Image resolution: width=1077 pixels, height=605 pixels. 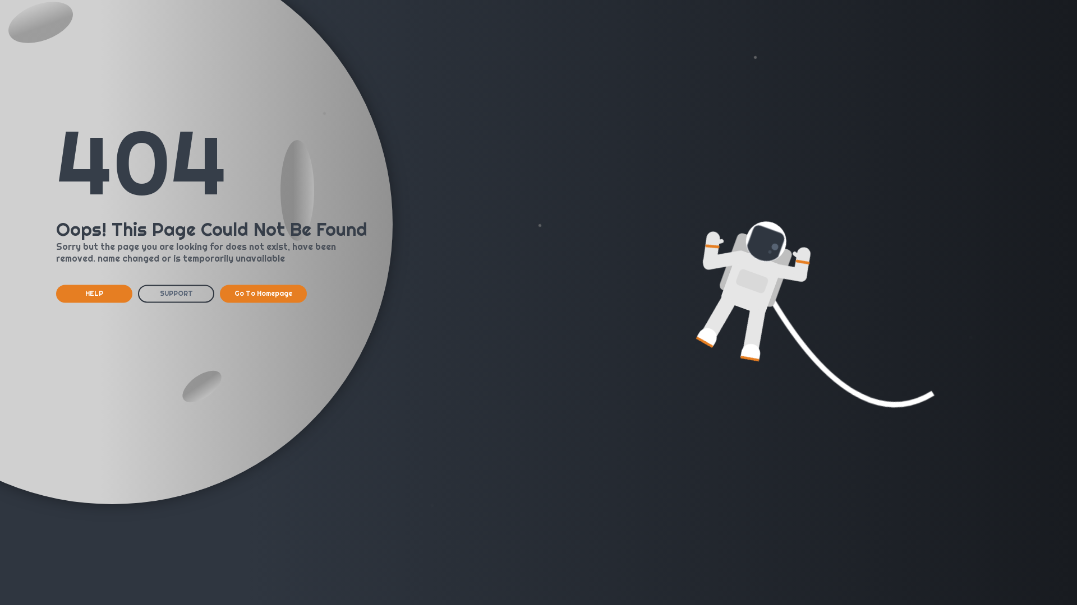 I want to click on 'Go To Homepage', so click(x=220, y=293).